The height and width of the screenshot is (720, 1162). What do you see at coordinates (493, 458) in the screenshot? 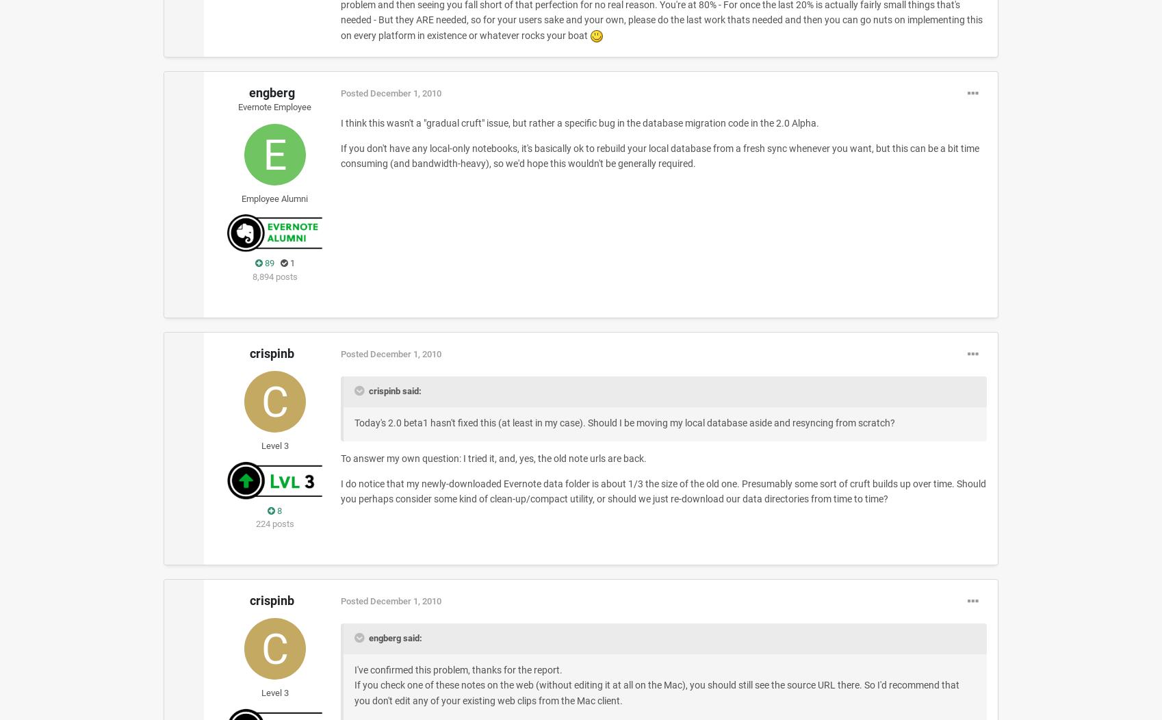
I see `'To answer my own question: I tried it, and, yes, the old note urls are back.'` at bounding box center [493, 458].